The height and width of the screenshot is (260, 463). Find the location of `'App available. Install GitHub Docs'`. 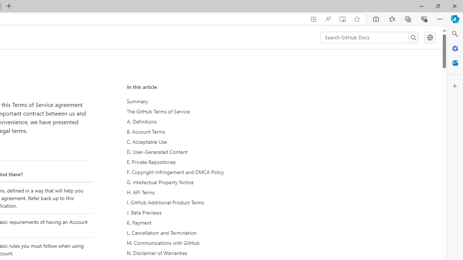

'App available. Install GitHub Docs' is located at coordinates (314, 19).